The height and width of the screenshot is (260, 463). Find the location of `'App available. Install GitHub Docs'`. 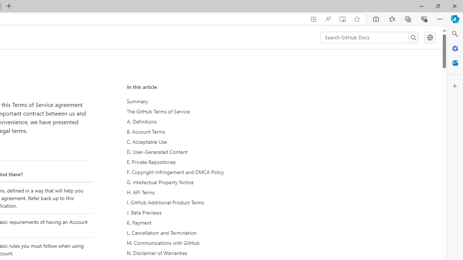

'App available. Install GitHub Docs' is located at coordinates (314, 19).